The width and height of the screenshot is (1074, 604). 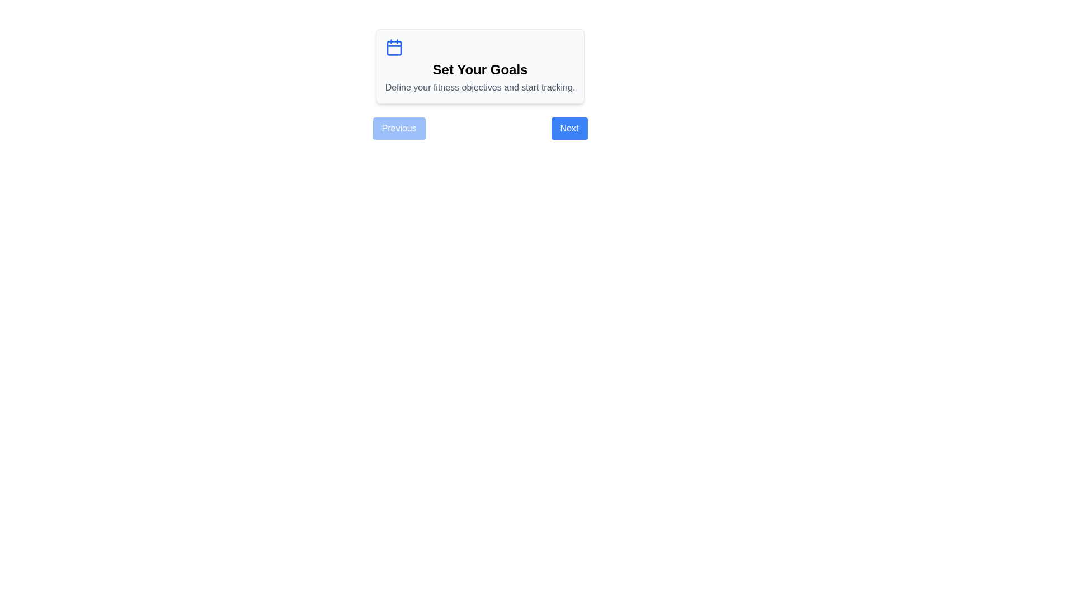 I want to click on the informative text label that introduces users to the purpose of the 'Set Your Goals' section, so click(x=480, y=87).